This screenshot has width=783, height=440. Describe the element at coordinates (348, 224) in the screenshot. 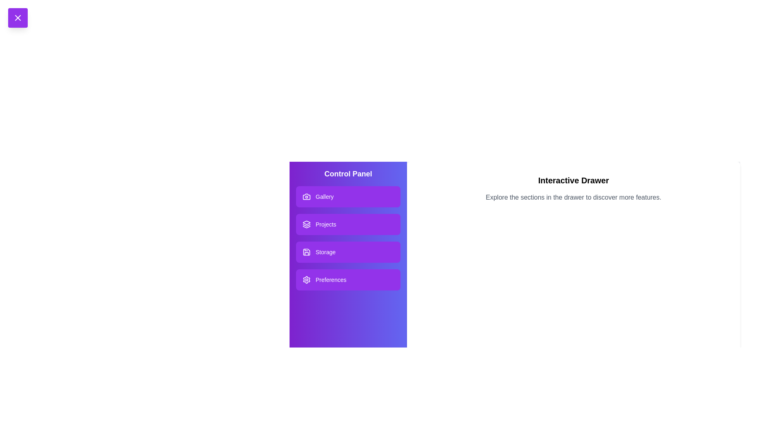

I see `the Projects section in the drawer` at that location.